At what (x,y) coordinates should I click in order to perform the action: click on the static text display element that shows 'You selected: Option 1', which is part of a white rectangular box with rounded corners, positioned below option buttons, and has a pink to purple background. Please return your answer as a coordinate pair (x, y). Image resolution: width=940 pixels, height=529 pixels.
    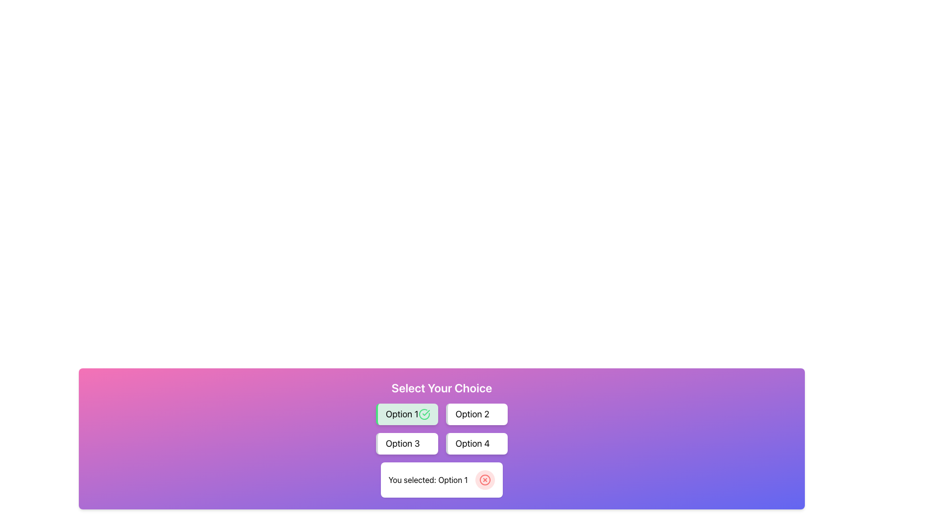
    Looking at the image, I should click on (428, 479).